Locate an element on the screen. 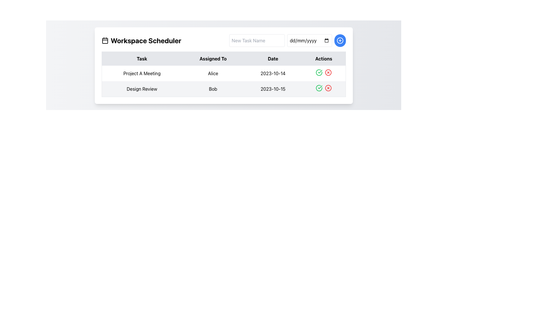 Image resolution: width=553 pixels, height=311 pixels. the text label displaying '2023-10-14' in bold black within the first row and third column of the table is located at coordinates (272, 73).